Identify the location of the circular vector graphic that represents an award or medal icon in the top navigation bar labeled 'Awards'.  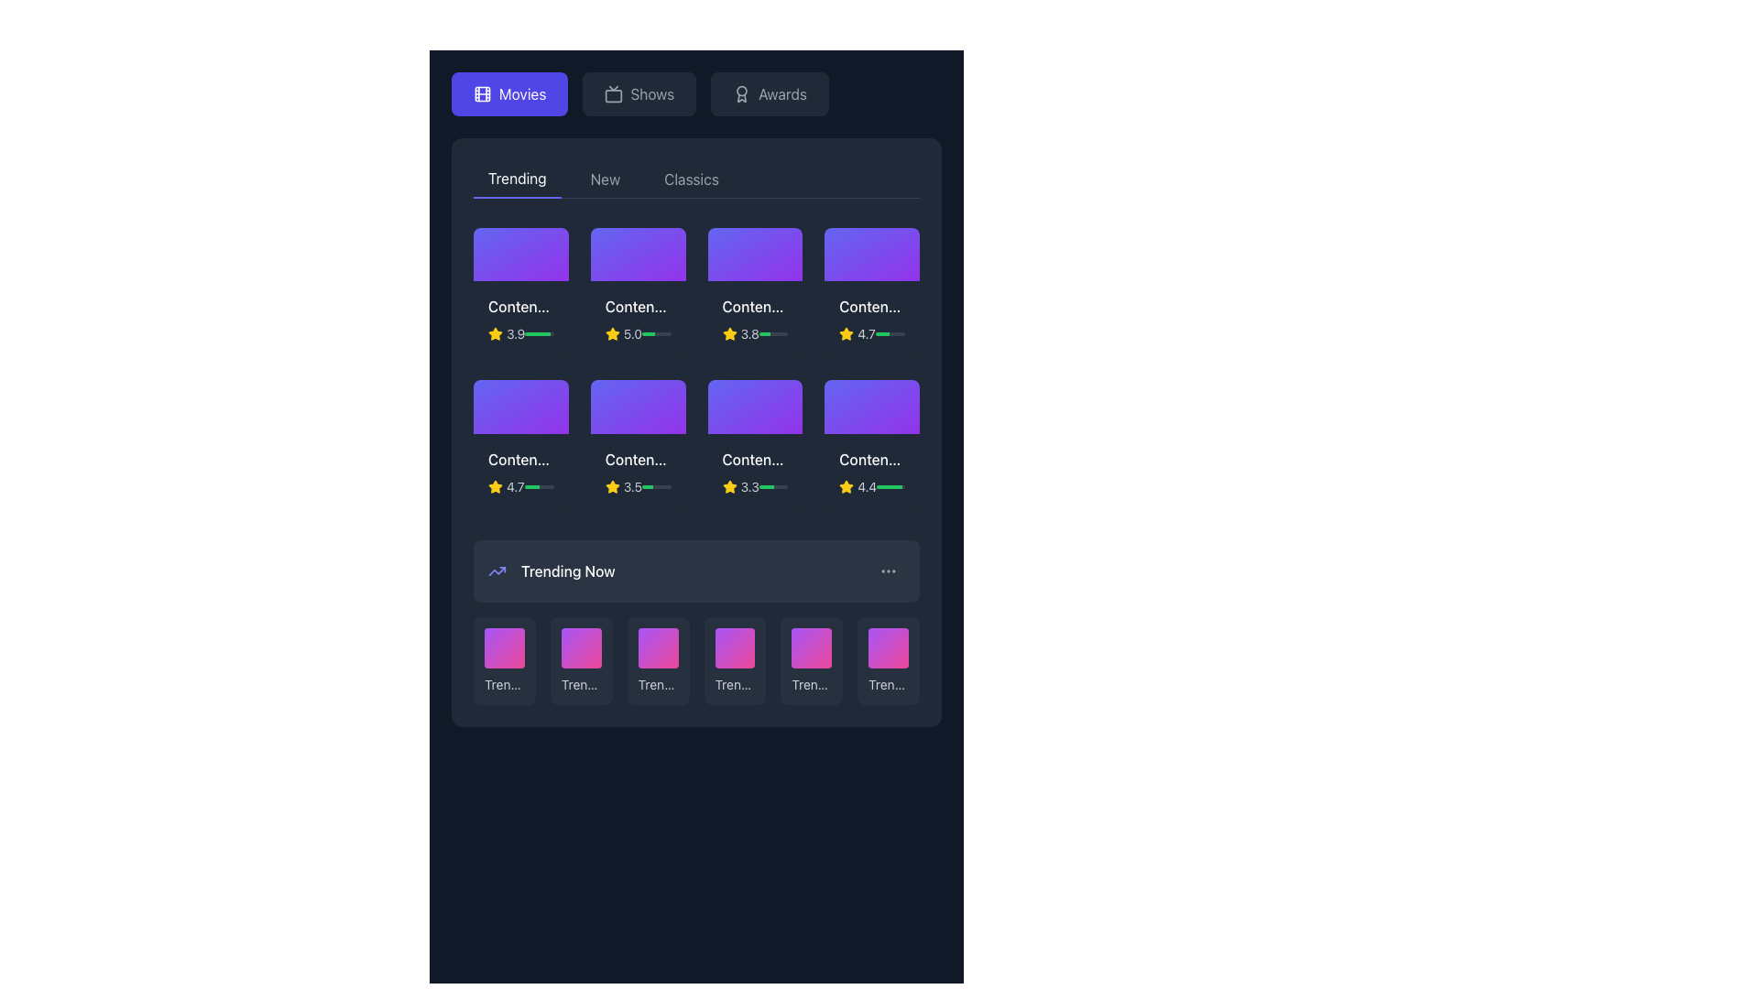
(742, 91).